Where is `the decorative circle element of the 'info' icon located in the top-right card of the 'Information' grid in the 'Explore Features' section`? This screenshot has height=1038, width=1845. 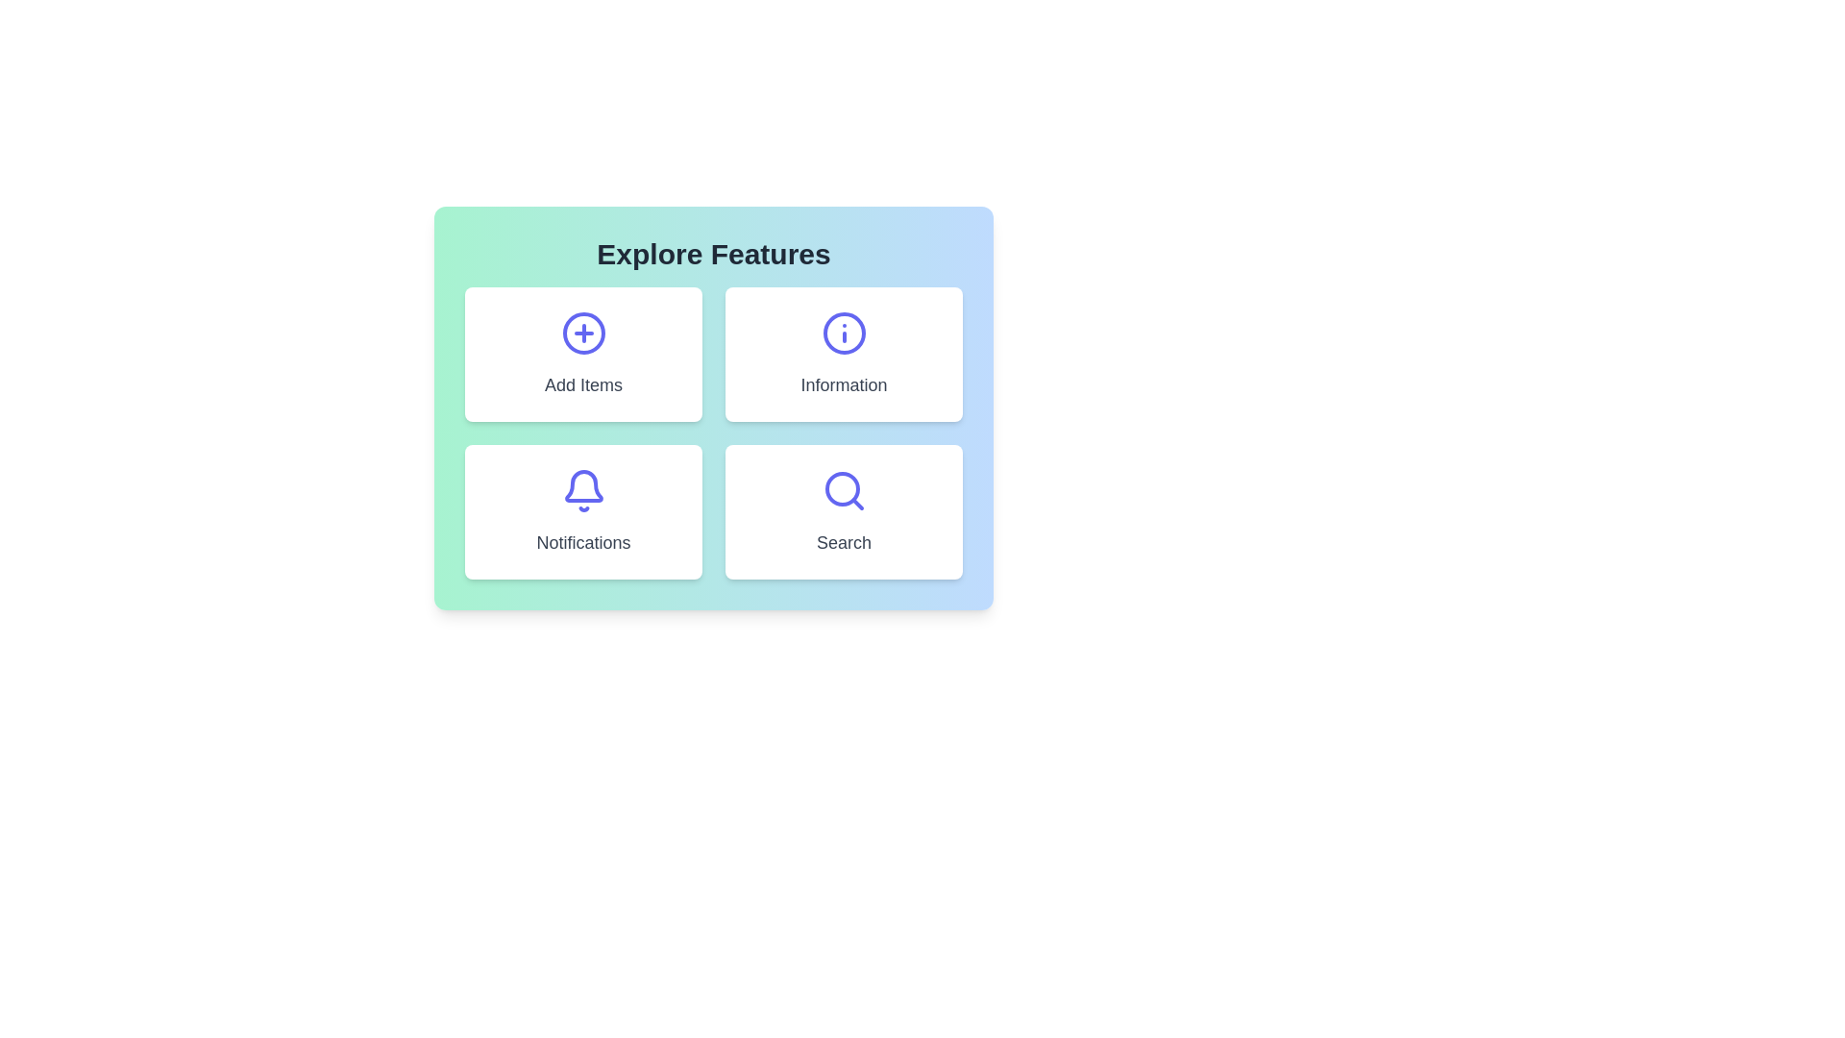 the decorative circle element of the 'info' icon located in the top-right card of the 'Information' grid in the 'Explore Features' section is located at coordinates (844, 333).